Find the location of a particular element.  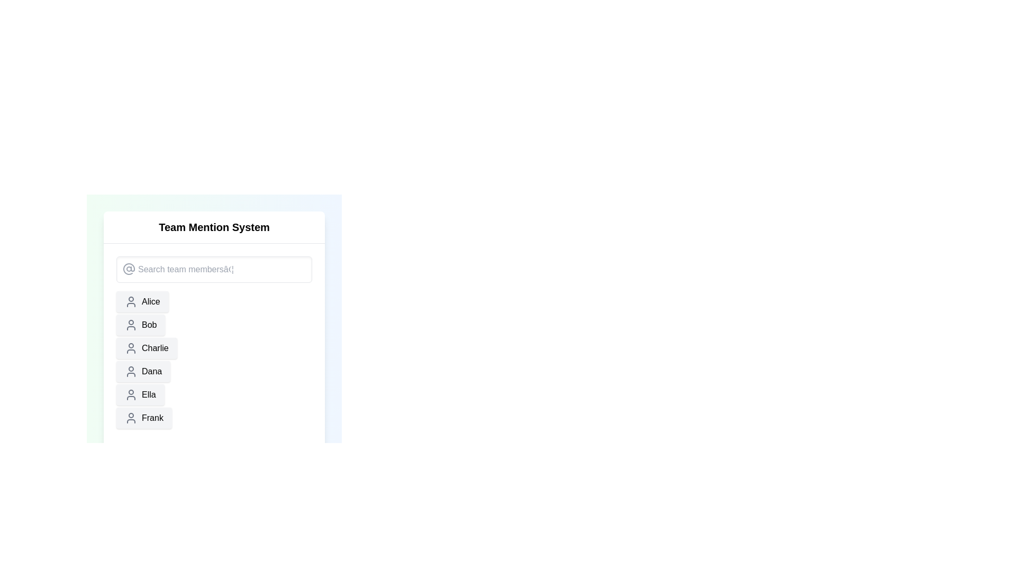

a name in the 'Team Mention System' is located at coordinates (213, 357).